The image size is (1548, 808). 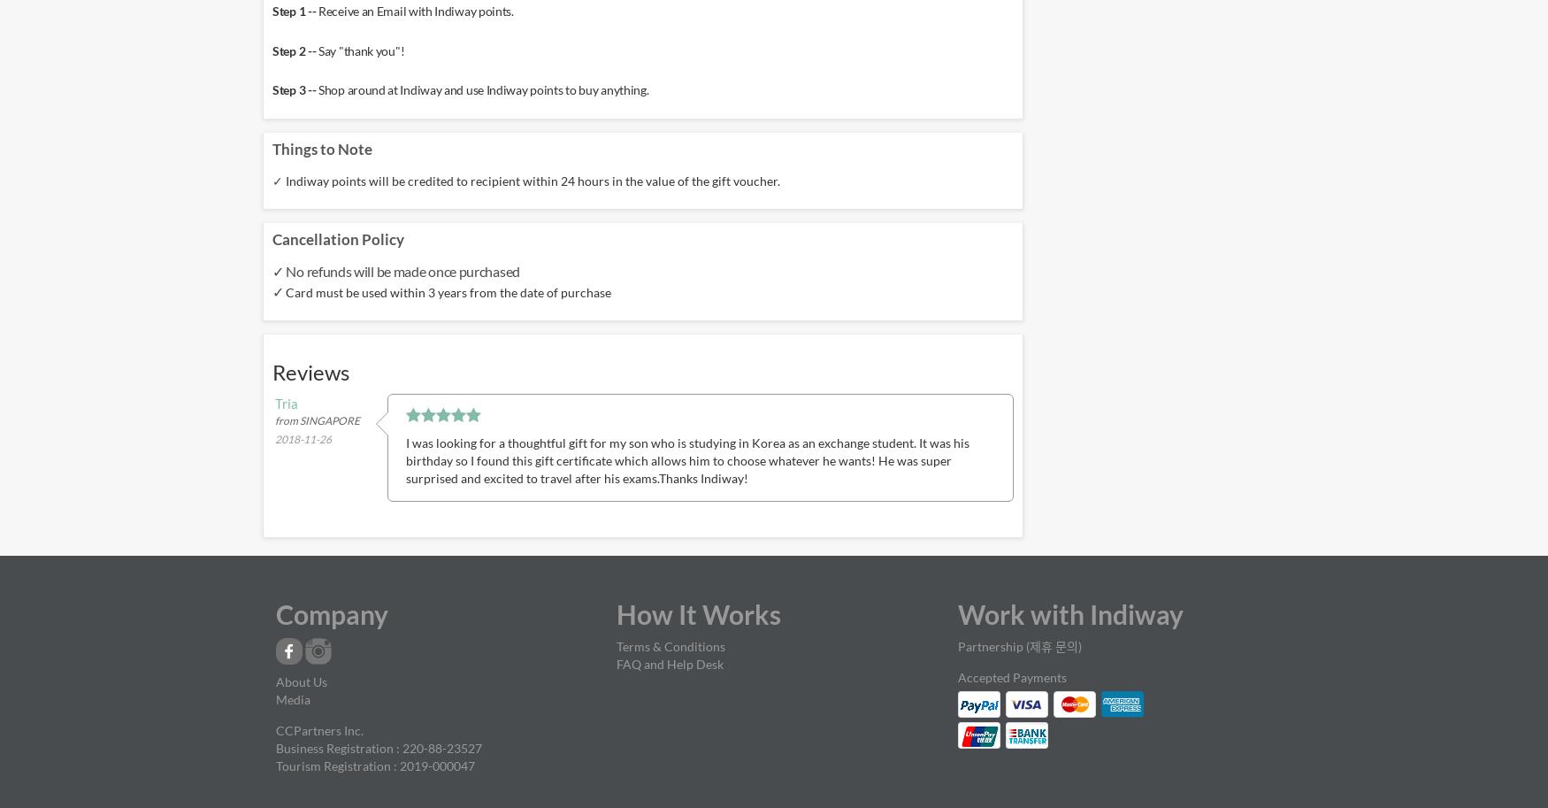 What do you see at coordinates (295, 89) in the screenshot?
I see `'Step 3 --'` at bounding box center [295, 89].